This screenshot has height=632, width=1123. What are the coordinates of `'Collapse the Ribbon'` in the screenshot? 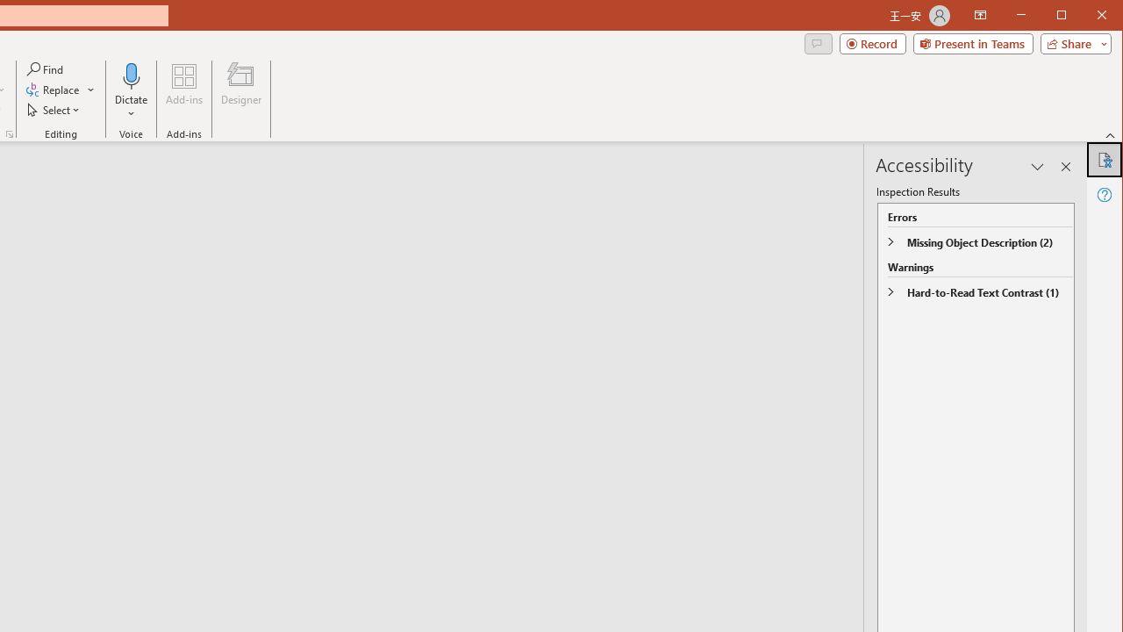 It's located at (1110, 134).